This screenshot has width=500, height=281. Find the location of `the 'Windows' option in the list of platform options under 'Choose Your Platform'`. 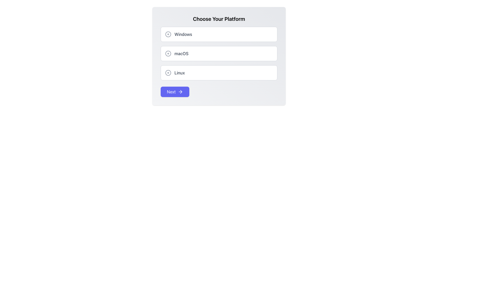

the 'Windows' option in the list of platform options under 'Choose Your Platform' is located at coordinates (219, 34).